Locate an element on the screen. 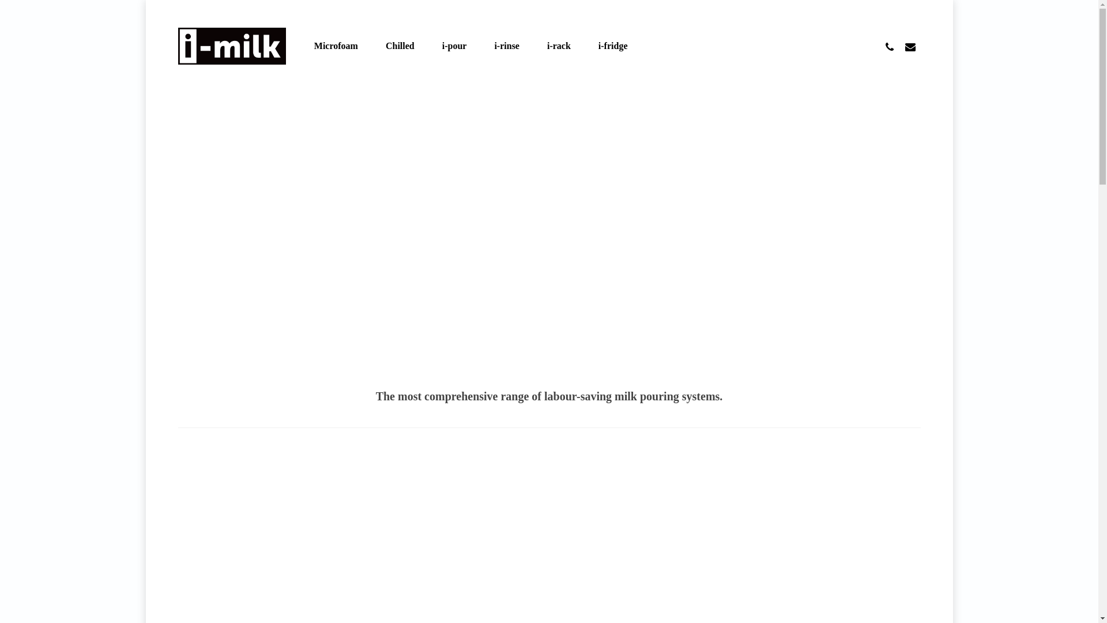 Image resolution: width=1107 pixels, height=623 pixels. 'i-rinse' is located at coordinates (494, 46).